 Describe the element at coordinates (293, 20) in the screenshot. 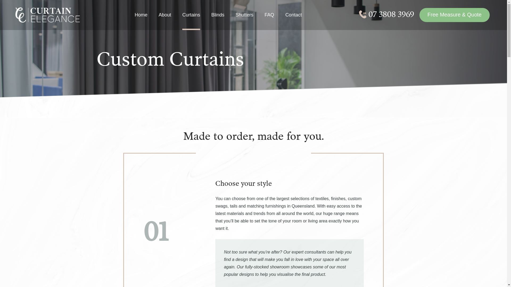

I see `'Contact'` at that location.